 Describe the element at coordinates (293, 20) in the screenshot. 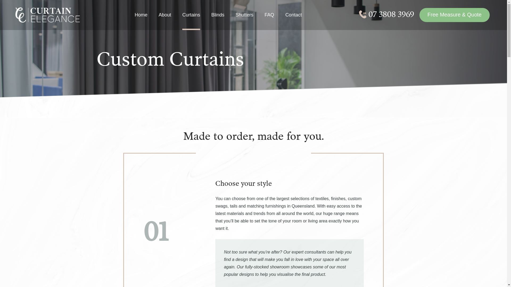

I see `'Contact'` at that location.